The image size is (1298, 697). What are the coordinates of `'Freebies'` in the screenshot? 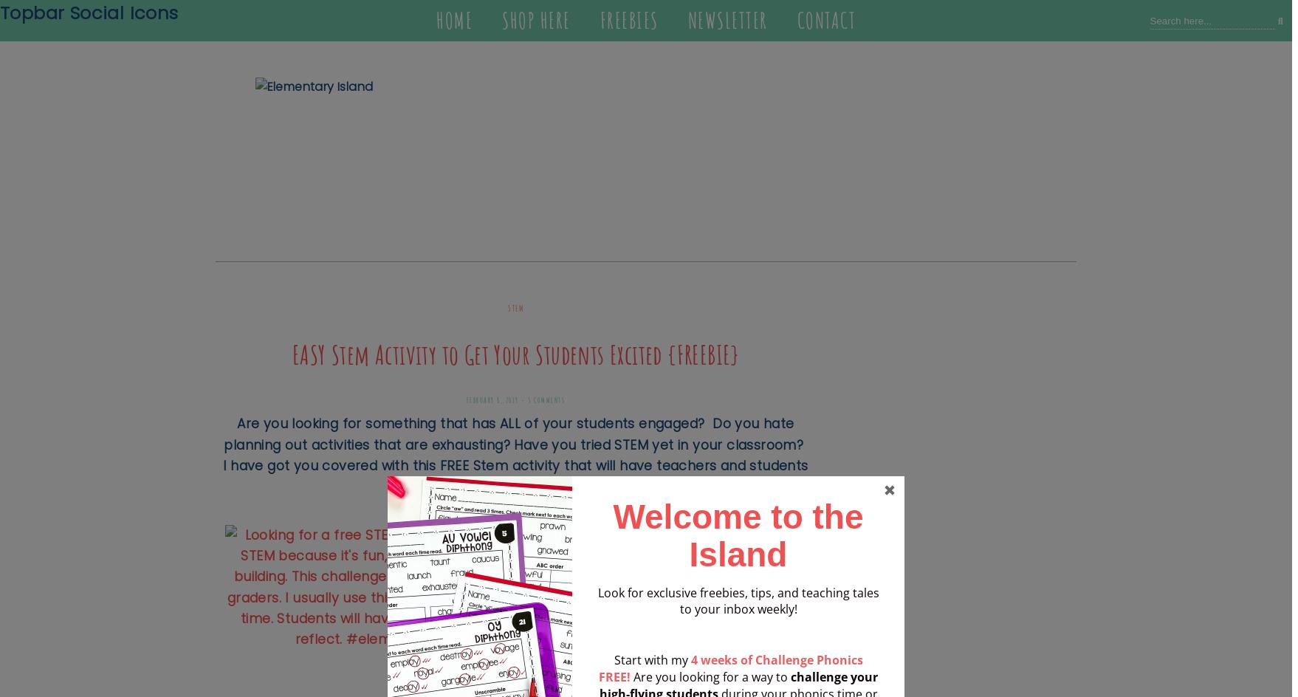 It's located at (628, 20).